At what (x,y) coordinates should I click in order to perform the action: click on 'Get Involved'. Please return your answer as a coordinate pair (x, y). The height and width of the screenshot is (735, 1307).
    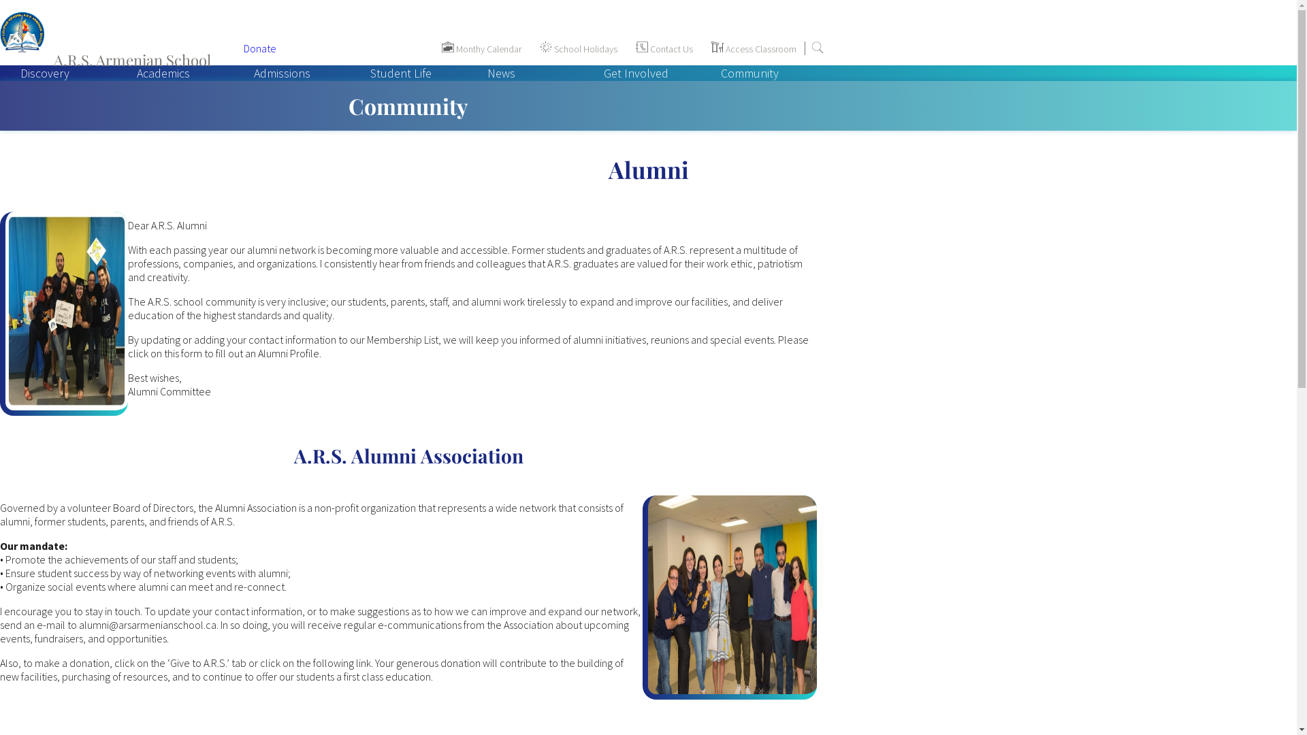
    Looking at the image, I should click on (635, 73).